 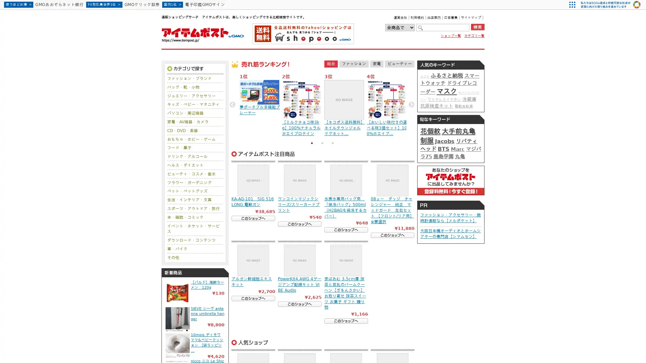 I want to click on 3, so click(x=332, y=143).